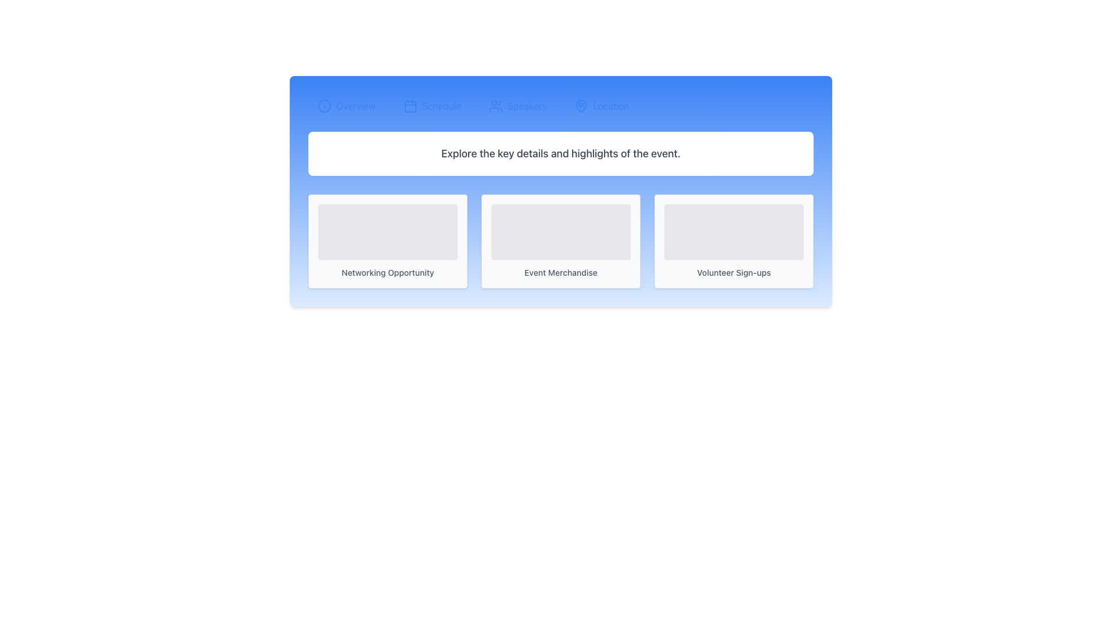 The width and height of the screenshot is (1115, 627). Describe the element at coordinates (431, 106) in the screenshot. I see `the 'Schedule' button` at that location.